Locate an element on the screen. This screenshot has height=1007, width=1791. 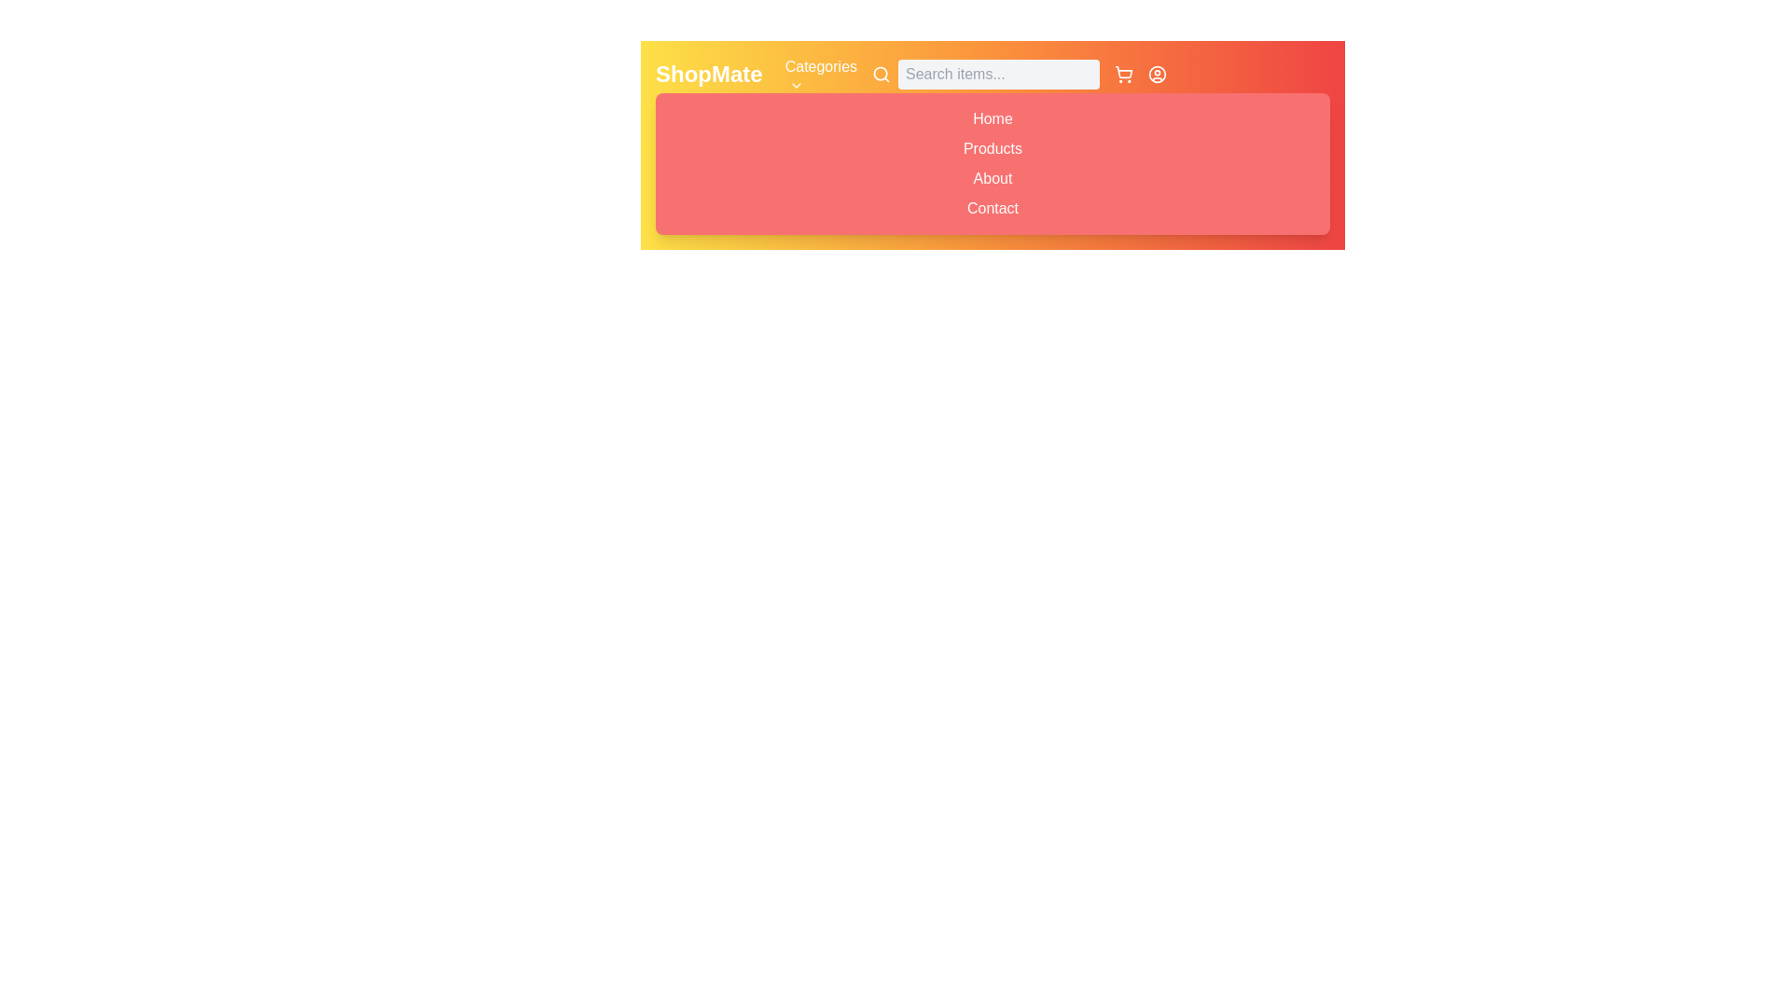
the SVG Circle that is part of the search icon located in the top header bar, positioned to the right of the 'Categories' button and left of the search input field is located at coordinates (880, 73).